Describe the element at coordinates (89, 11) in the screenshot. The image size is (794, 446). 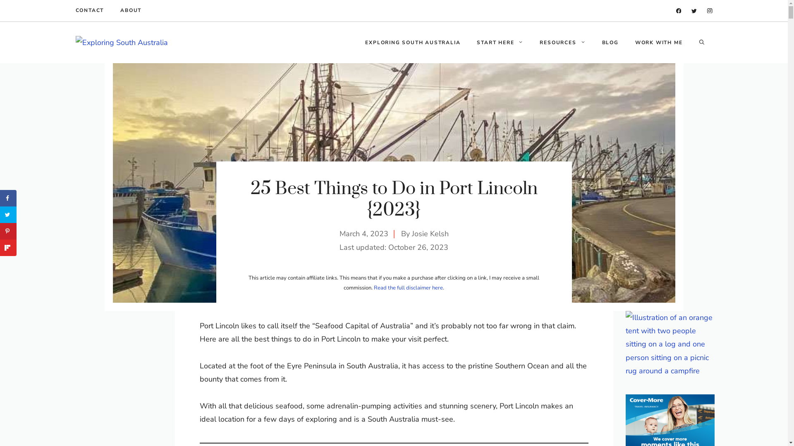
I see `'CONTACT'` at that location.